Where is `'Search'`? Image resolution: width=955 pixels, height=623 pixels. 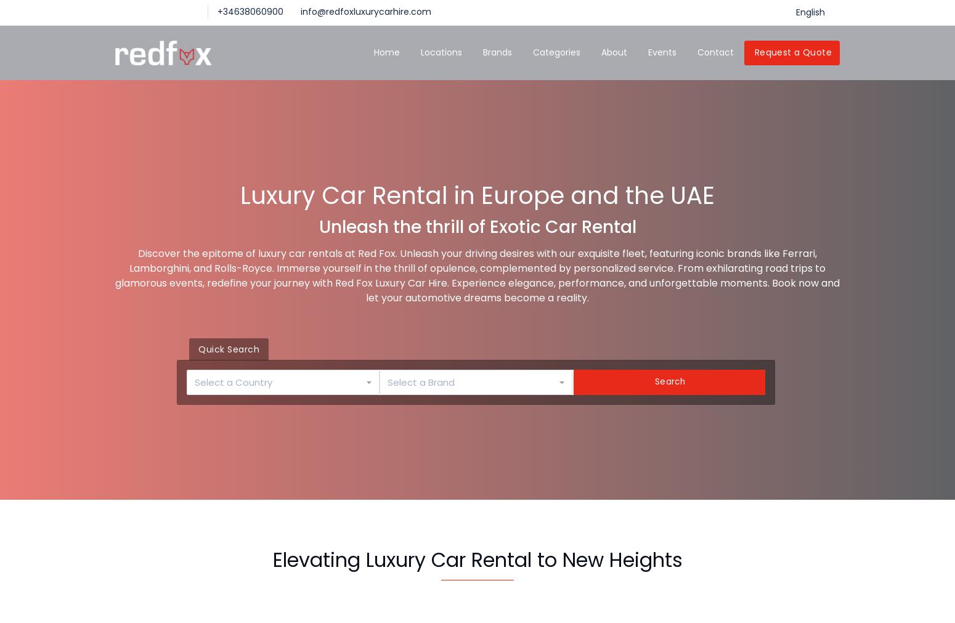 'Search' is located at coordinates (654, 381).